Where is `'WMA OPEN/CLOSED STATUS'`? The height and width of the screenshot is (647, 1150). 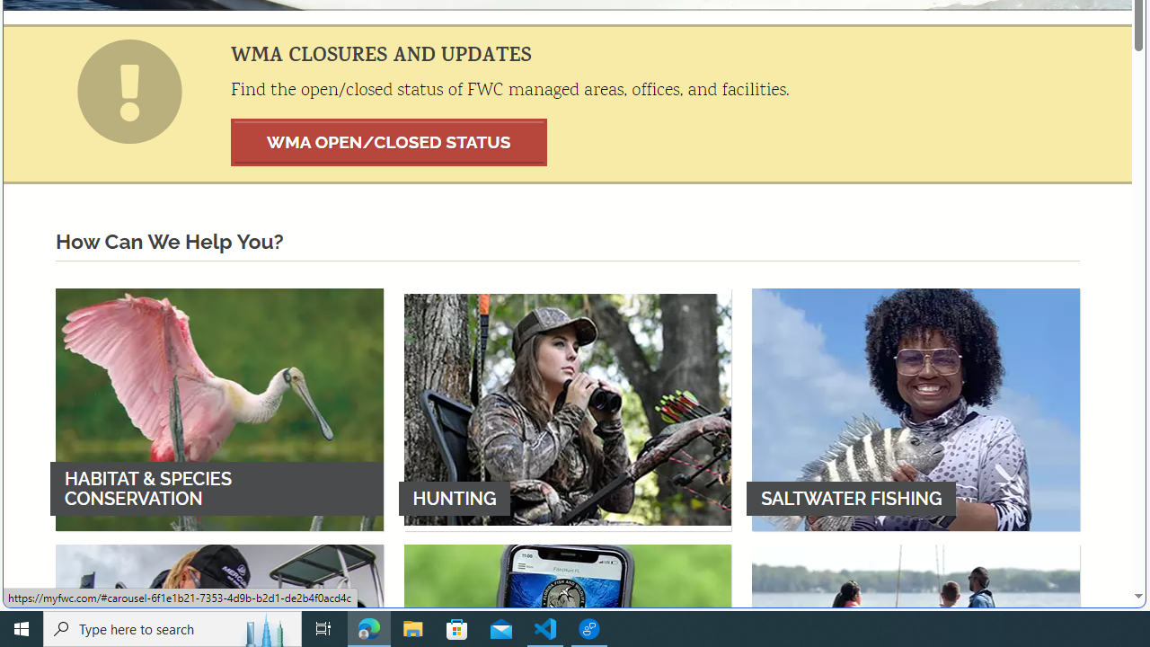
'WMA OPEN/CLOSED STATUS' is located at coordinates (388, 141).